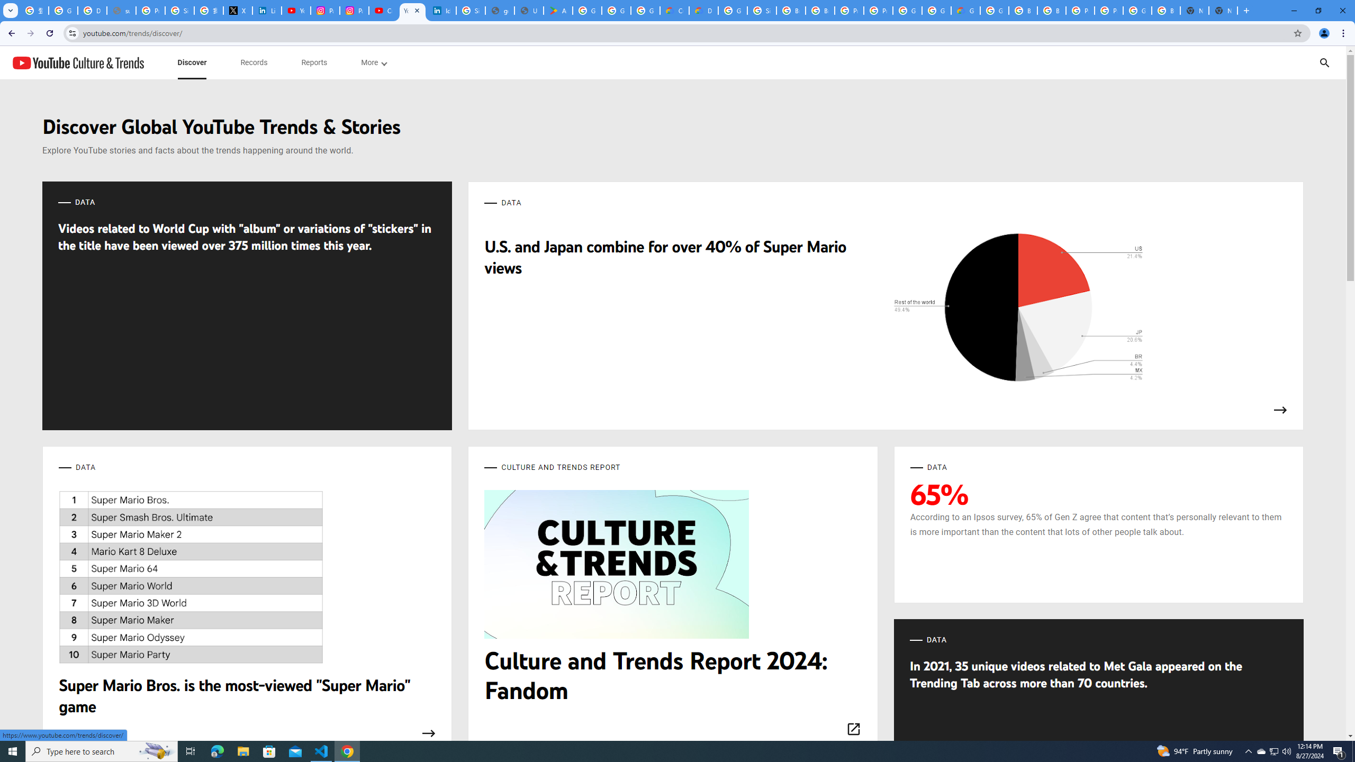 This screenshot has width=1355, height=762. I want to click on 'YouTube Culture & Trends', so click(77, 62).